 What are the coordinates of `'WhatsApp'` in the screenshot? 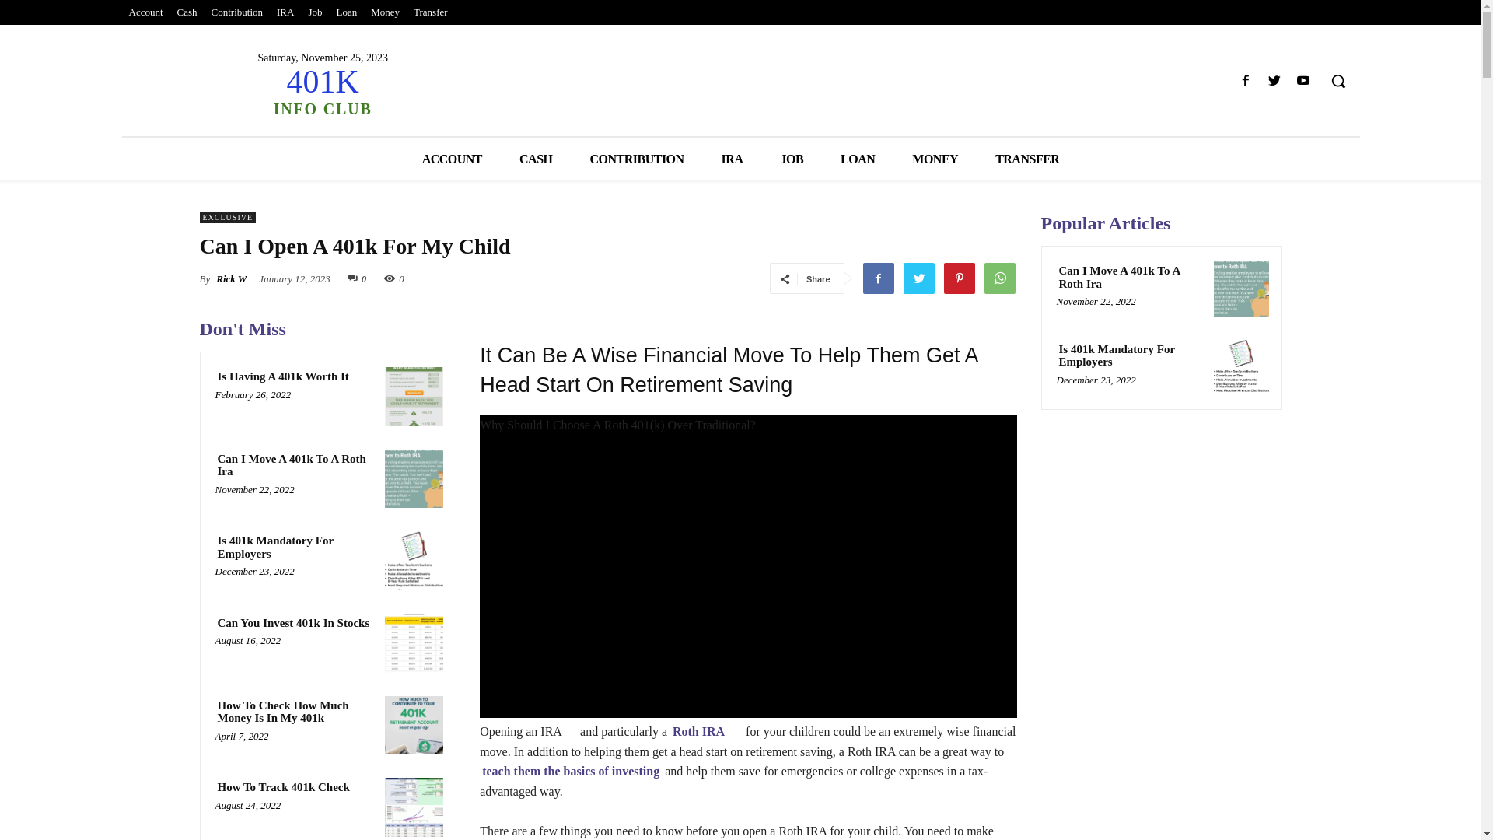 It's located at (999, 278).